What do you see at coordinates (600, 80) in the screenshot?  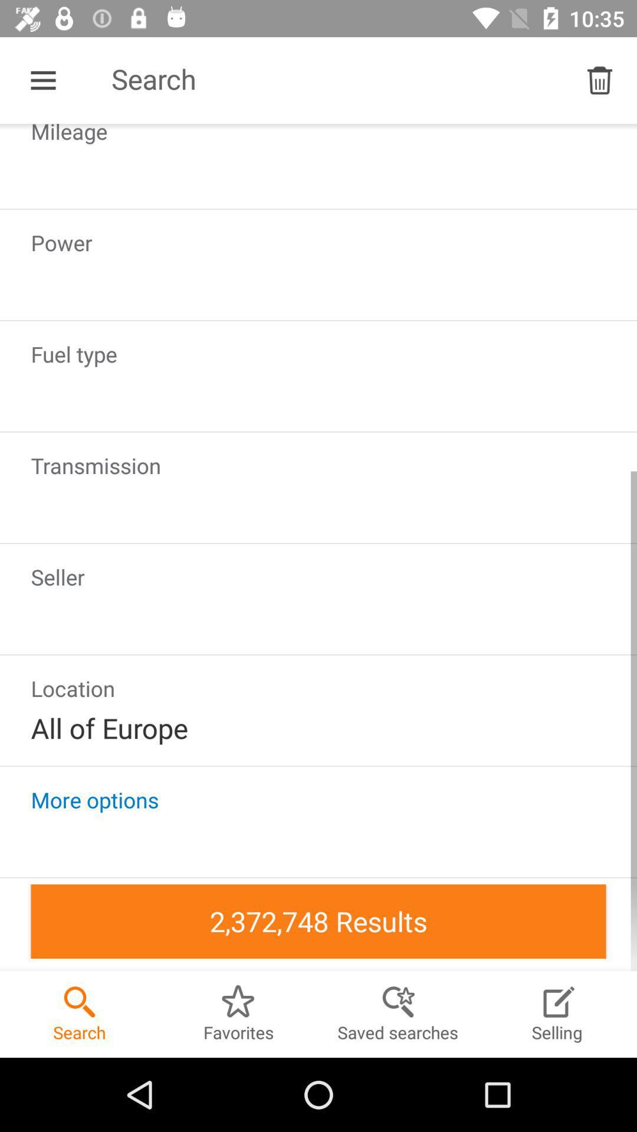 I see `item next to search icon` at bounding box center [600, 80].